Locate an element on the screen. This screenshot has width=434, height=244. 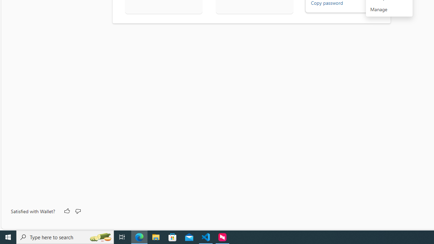
'Like' is located at coordinates (67, 211).